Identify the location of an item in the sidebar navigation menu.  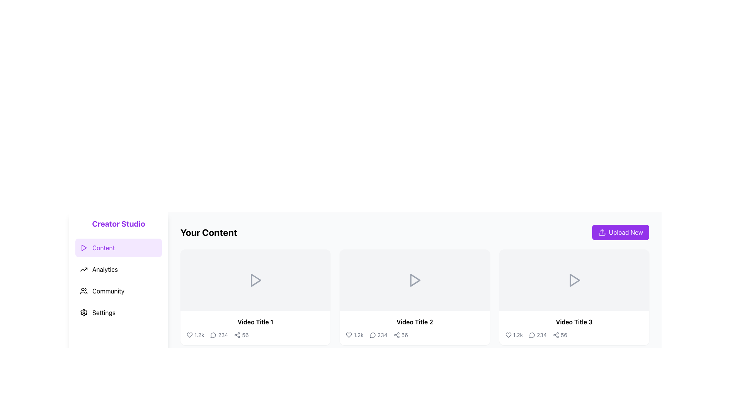
(118, 270).